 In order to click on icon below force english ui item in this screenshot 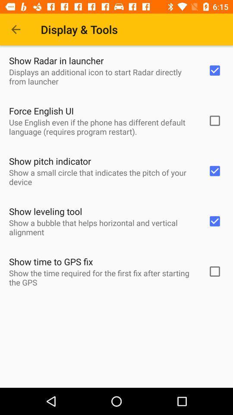, I will do `click(103, 126)`.